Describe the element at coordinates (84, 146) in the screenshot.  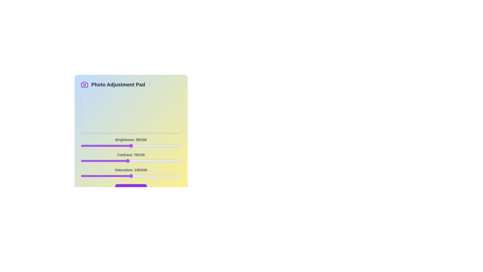
I see `the 0 slider to 3` at that location.